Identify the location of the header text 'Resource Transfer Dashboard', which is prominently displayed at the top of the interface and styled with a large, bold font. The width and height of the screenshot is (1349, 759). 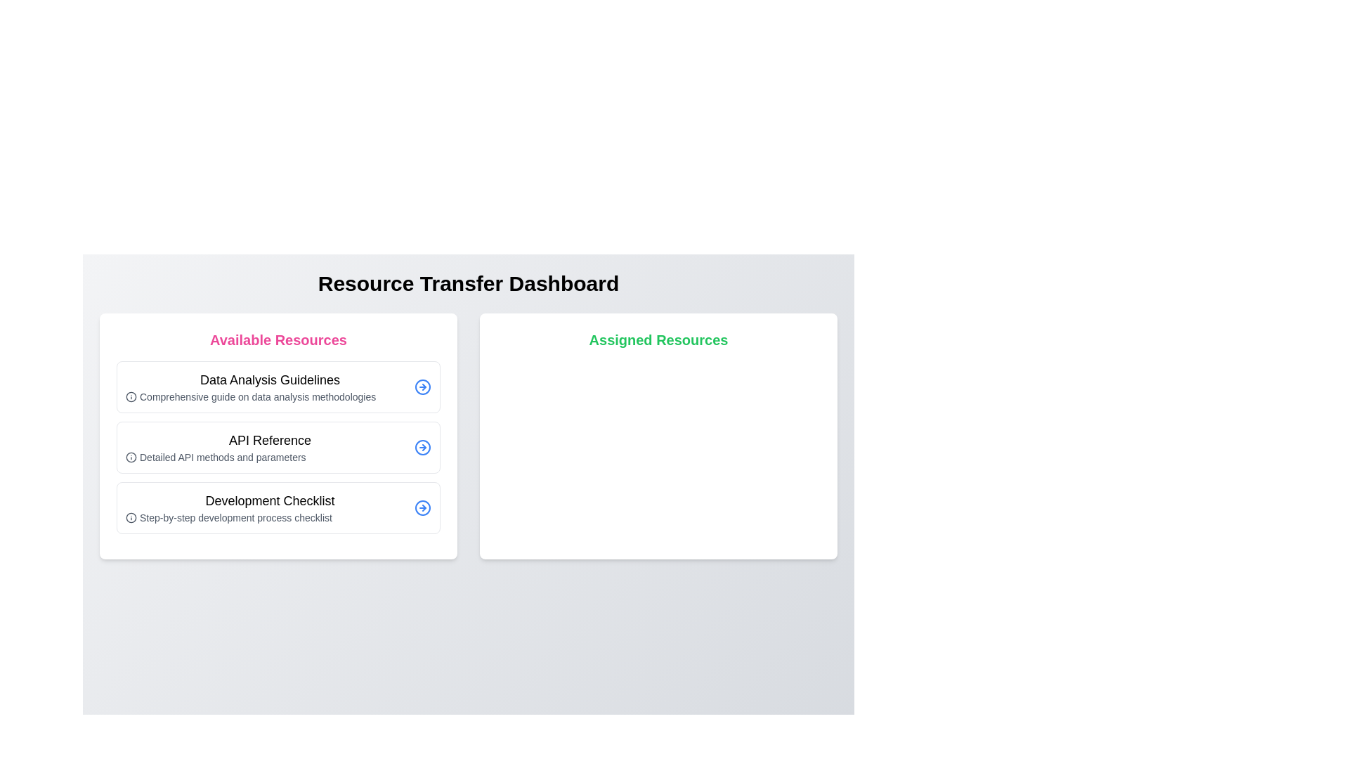
(469, 284).